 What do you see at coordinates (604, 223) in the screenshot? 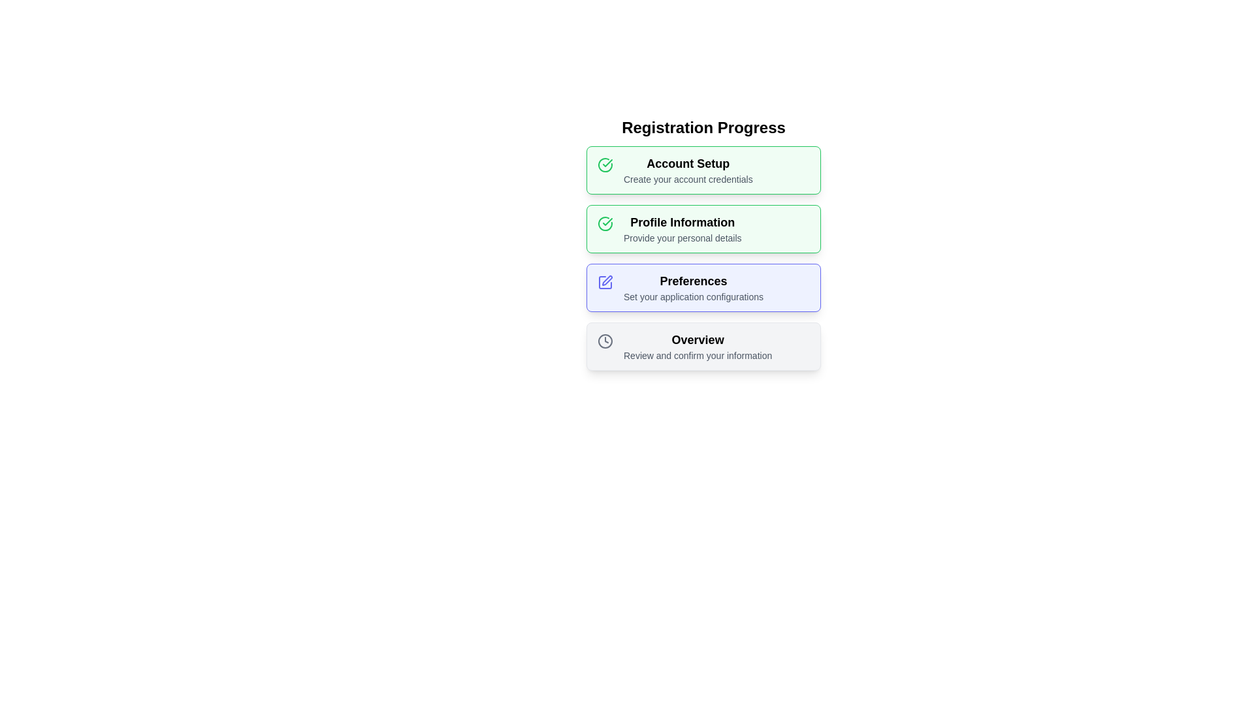
I see `the green circular icon with a checkmark symbol inside, indicating progress completion, located in the left section of the 'Profile Information' item within the 'Registration Progress' interface` at bounding box center [604, 223].